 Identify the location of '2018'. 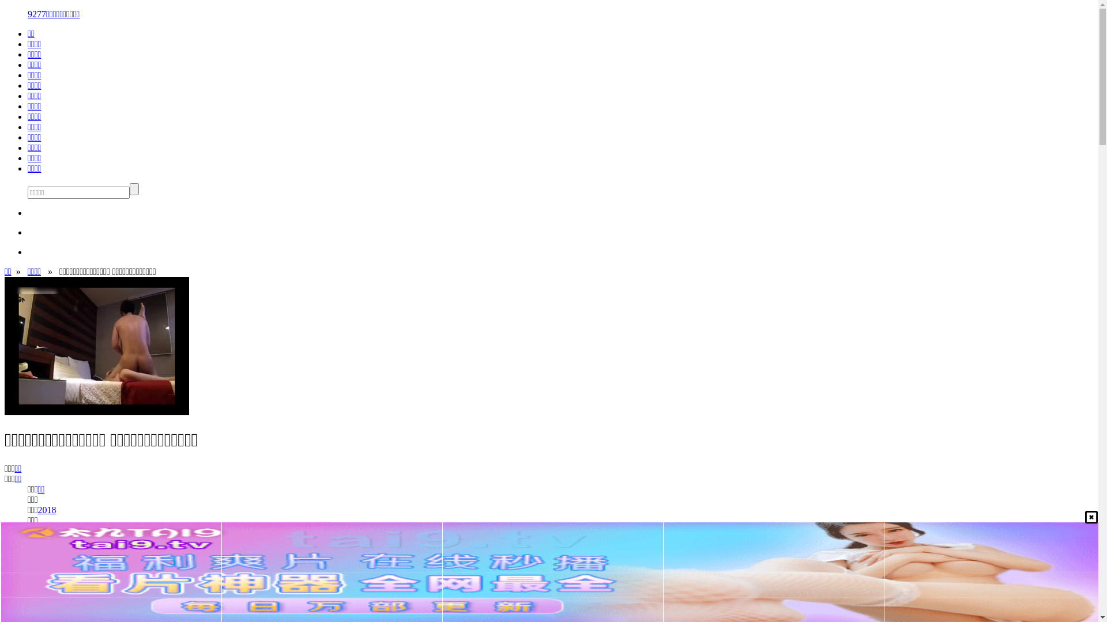
(46, 509).